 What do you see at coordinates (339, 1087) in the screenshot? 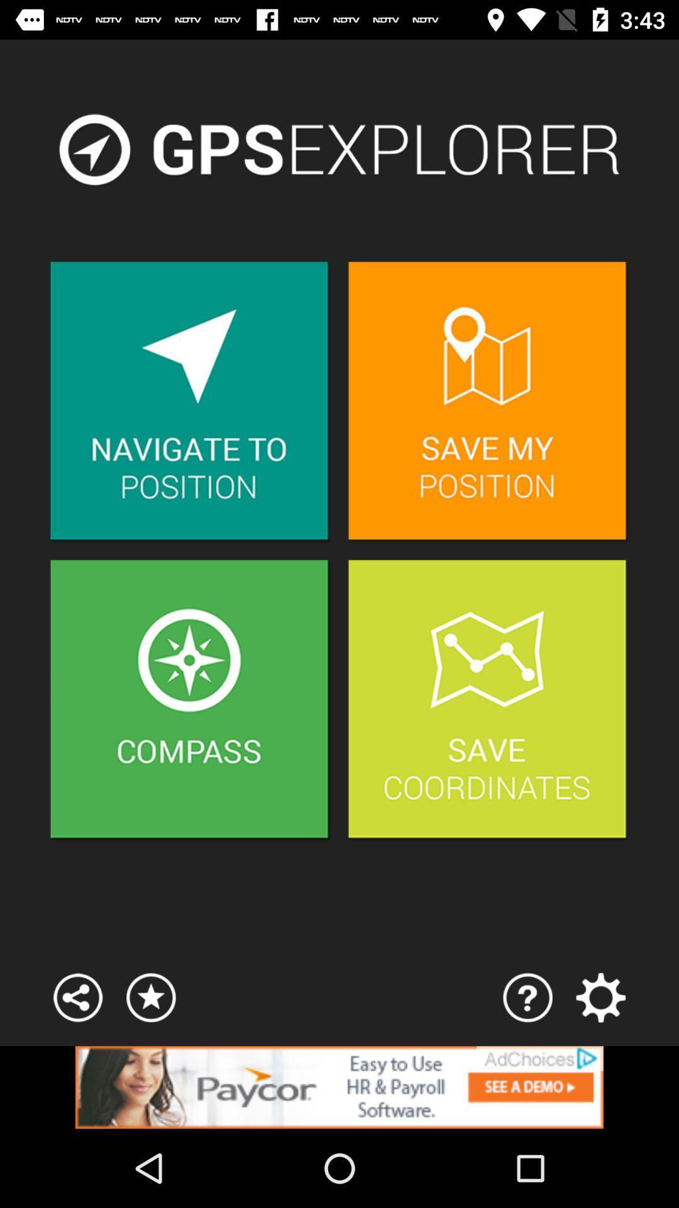
I see `space where you access advertising` at bounding box center [339, 1087].